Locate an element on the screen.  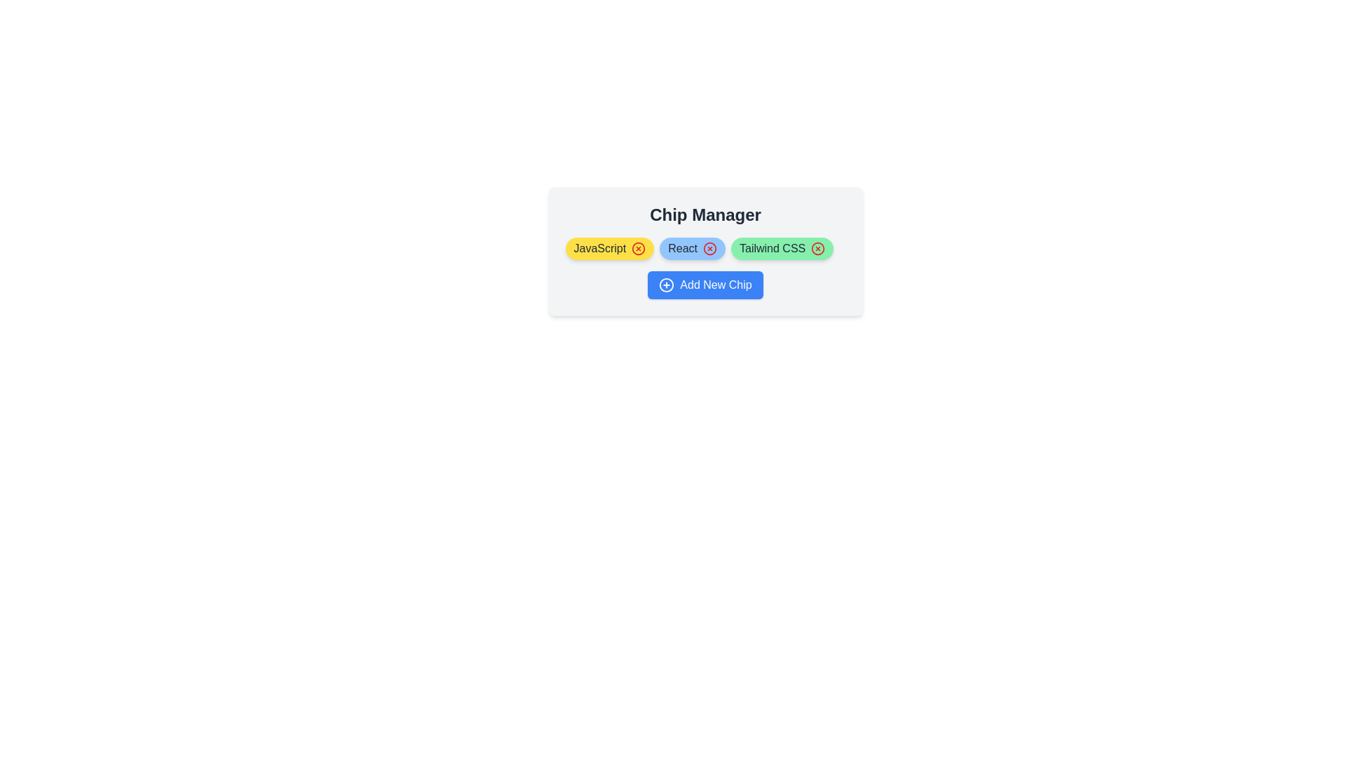
close icon of the chip labeled React to remove it is located at coordinates (709, 247).